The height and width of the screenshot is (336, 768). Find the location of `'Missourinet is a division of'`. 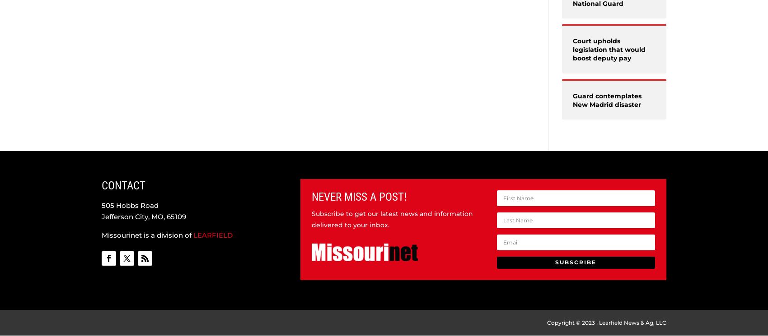

'Missourinet is a division of' is located at coordinates (147, 234).